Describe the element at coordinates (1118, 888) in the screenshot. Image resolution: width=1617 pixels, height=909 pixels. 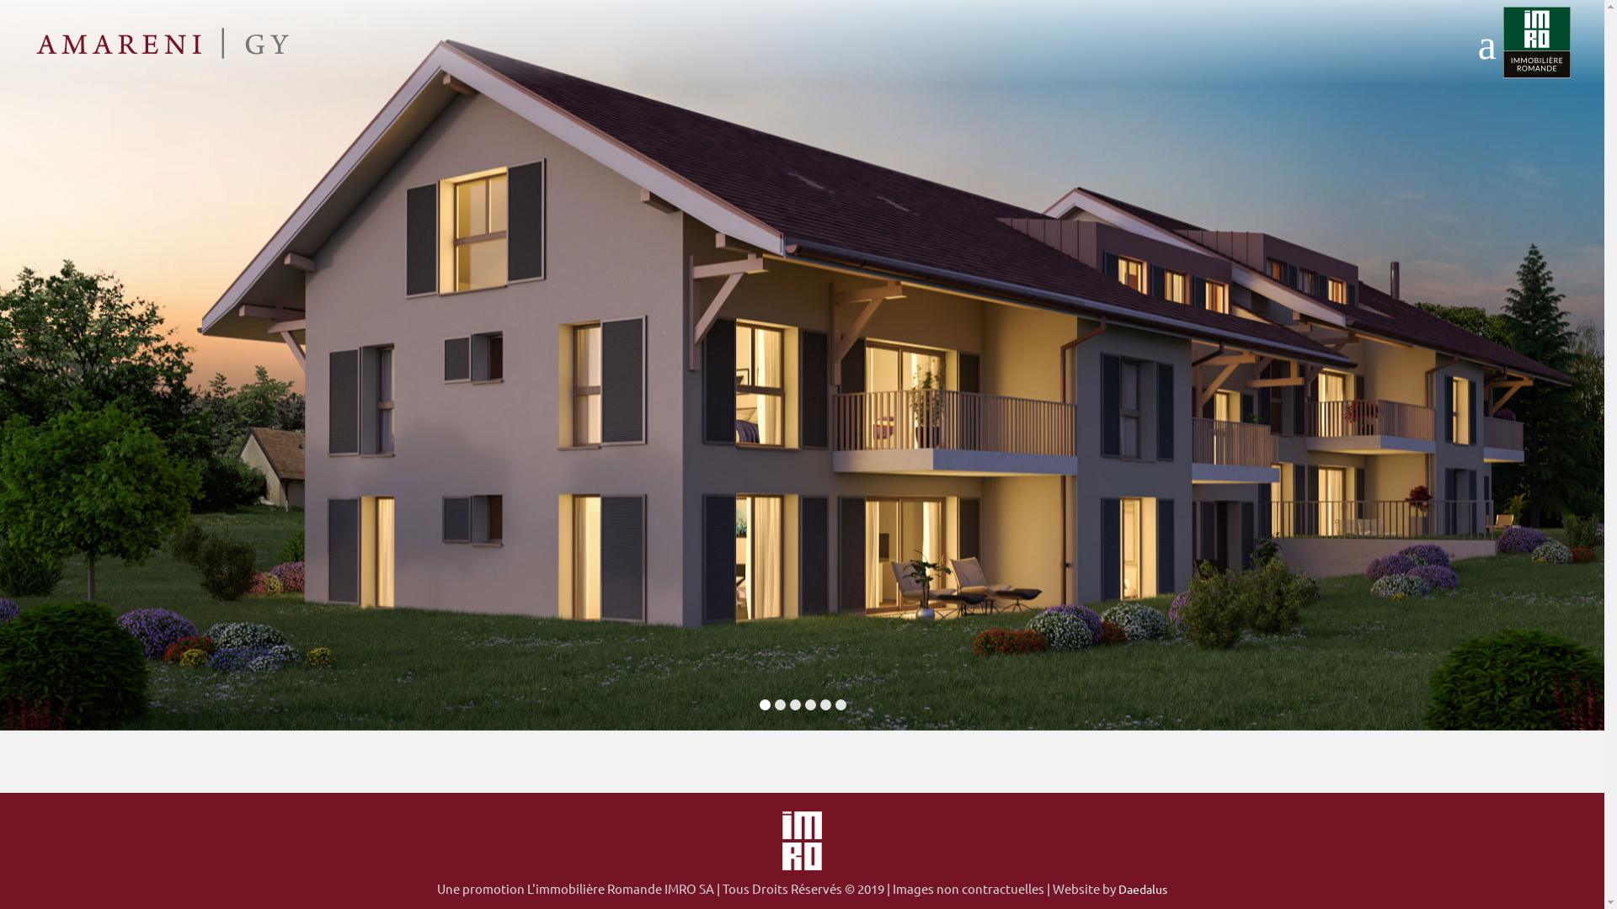
I see `'Daedalus'` at that location.